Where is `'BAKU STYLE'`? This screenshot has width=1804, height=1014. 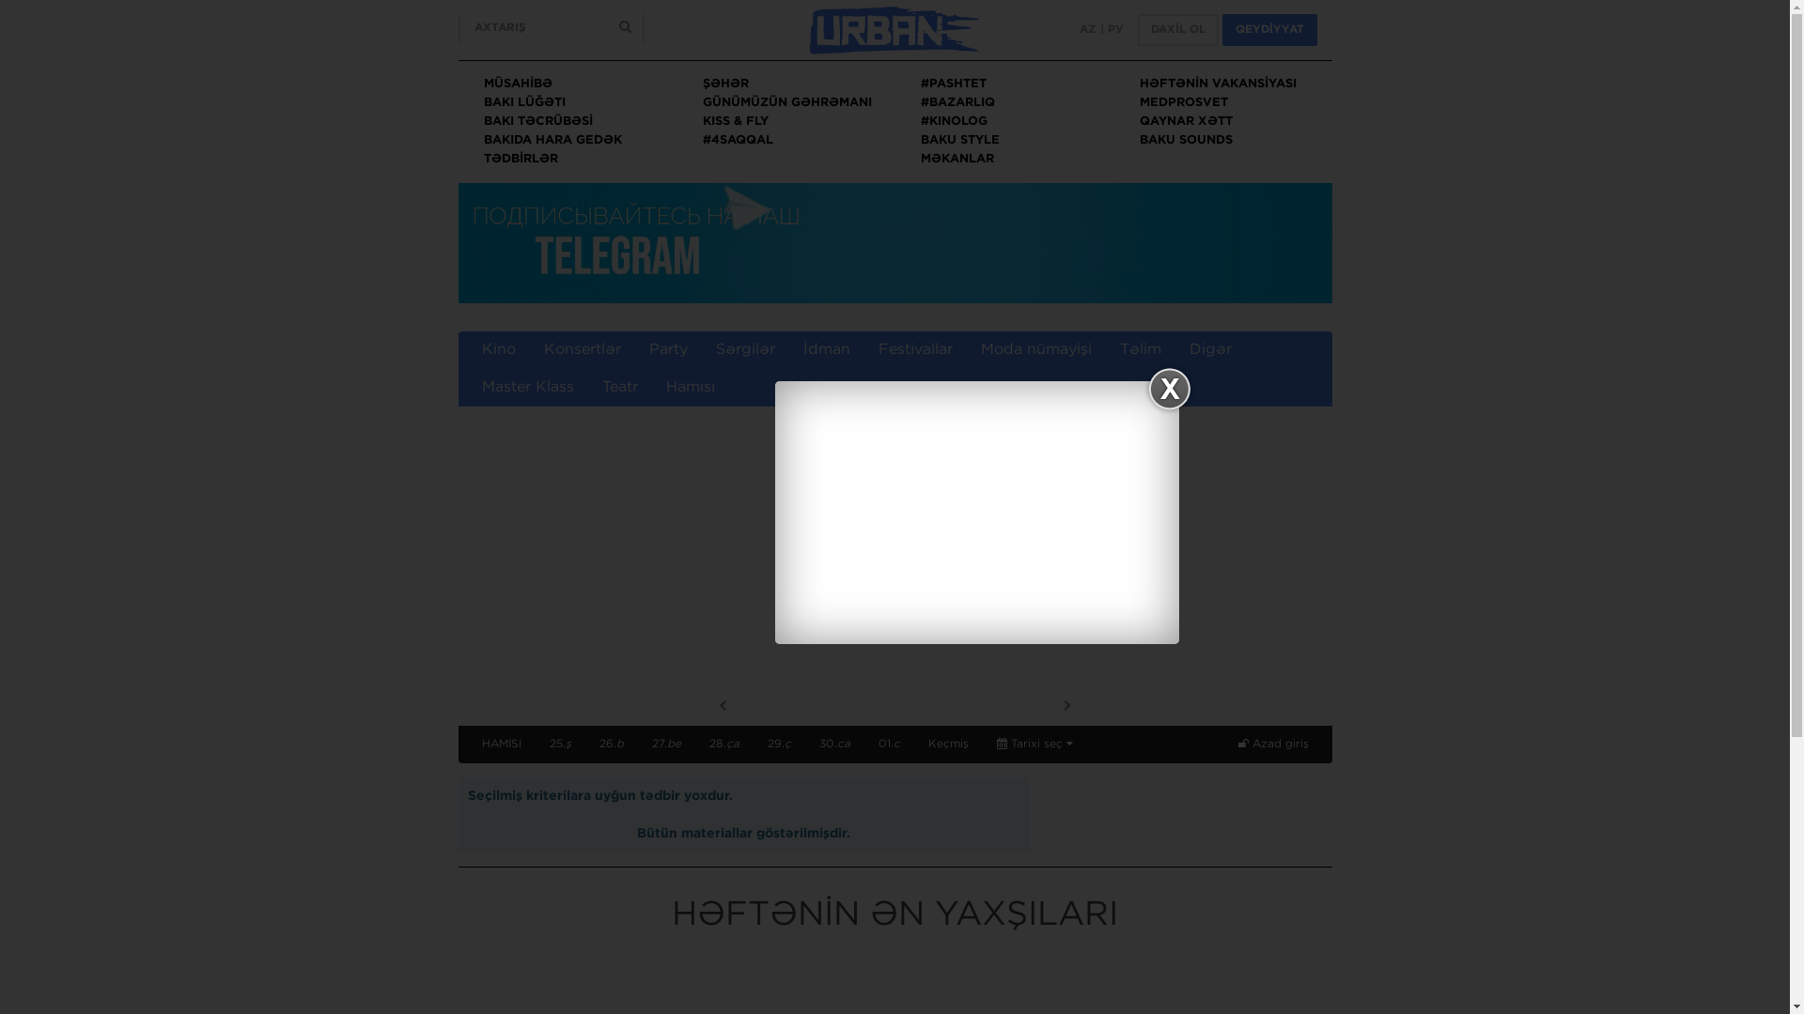 'BAKU STYLE' is located at coordinates (920, 139).